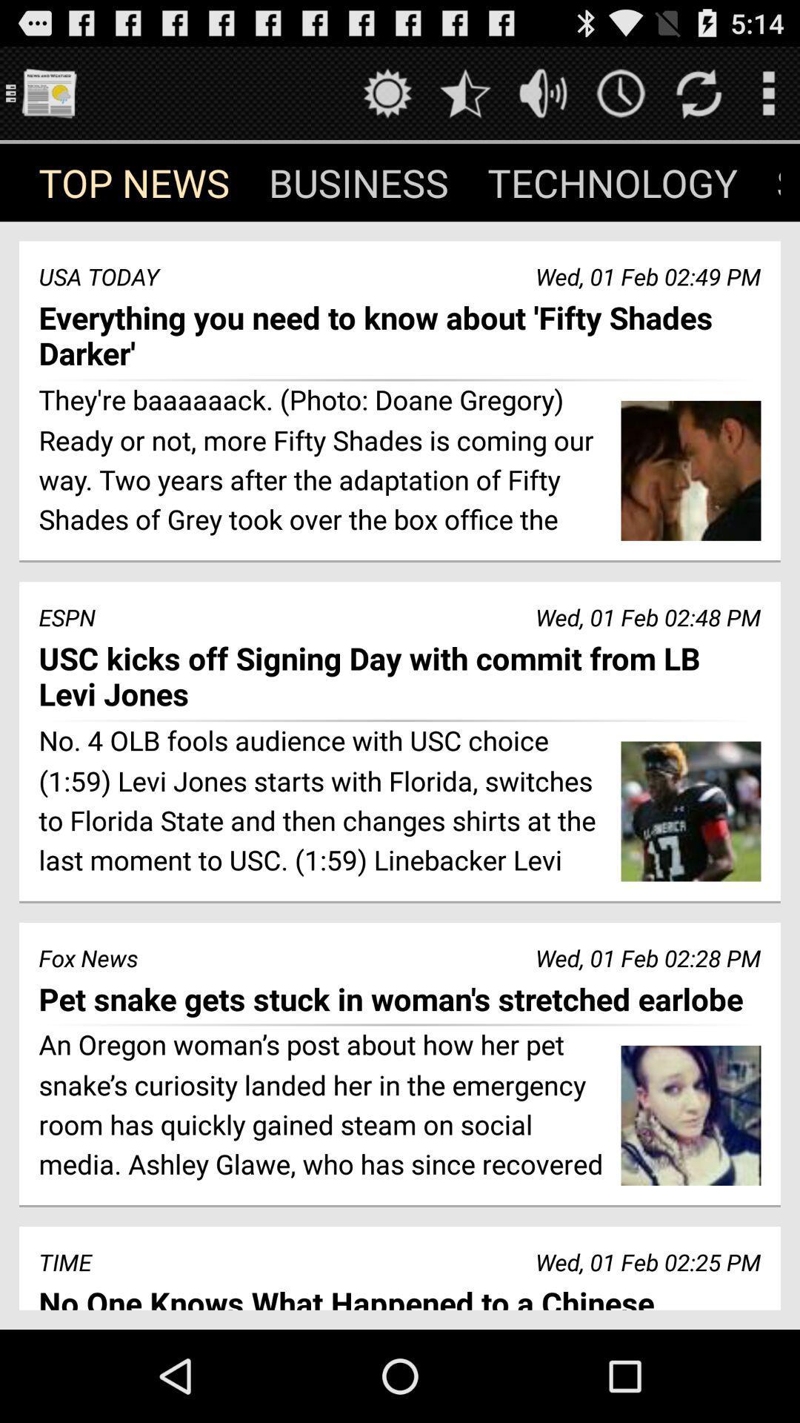 This screenshot has height=1423, width=800. Describe the element at coordinates (464, 92) in the screenshot. I see `to favorite` at that location.